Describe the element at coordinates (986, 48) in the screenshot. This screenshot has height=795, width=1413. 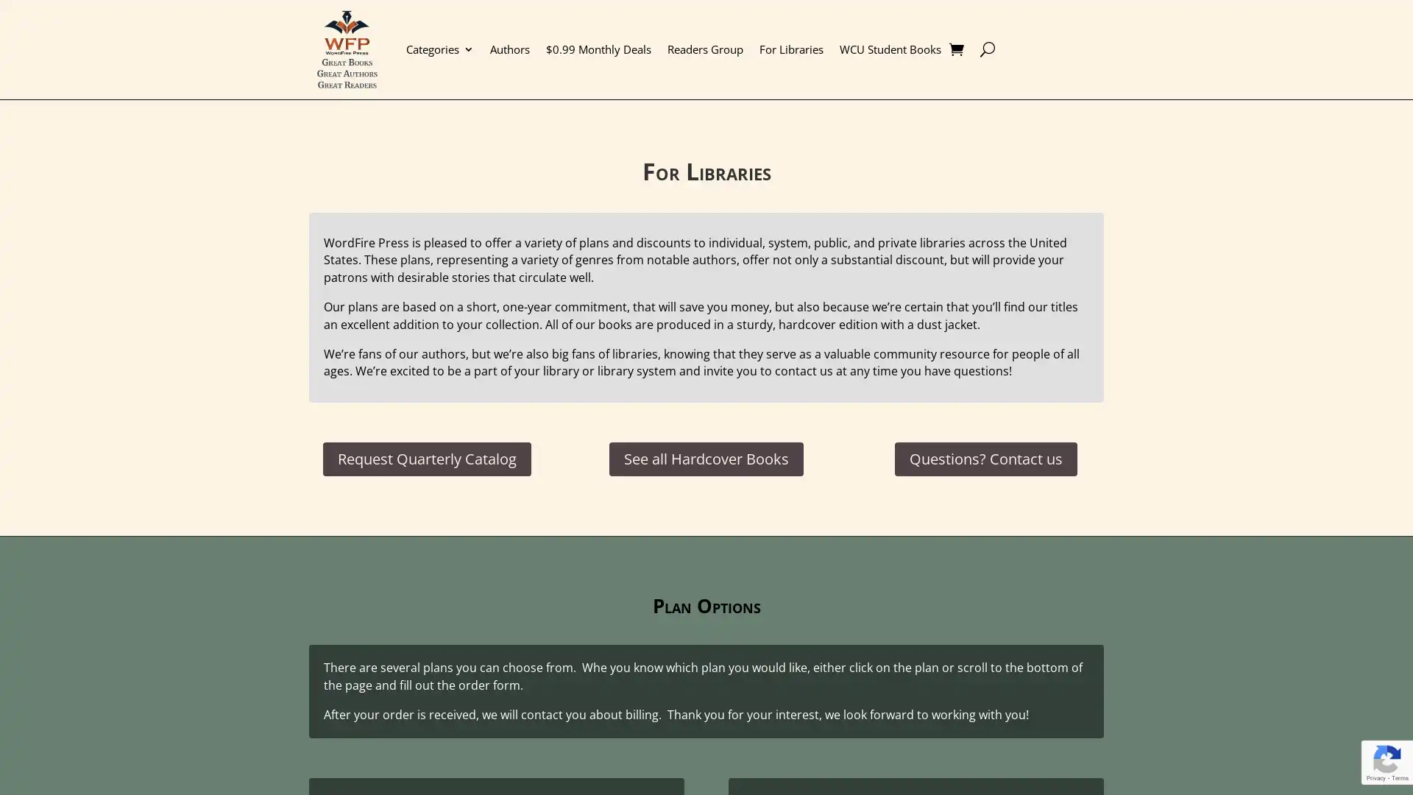
I see `U` at that location.